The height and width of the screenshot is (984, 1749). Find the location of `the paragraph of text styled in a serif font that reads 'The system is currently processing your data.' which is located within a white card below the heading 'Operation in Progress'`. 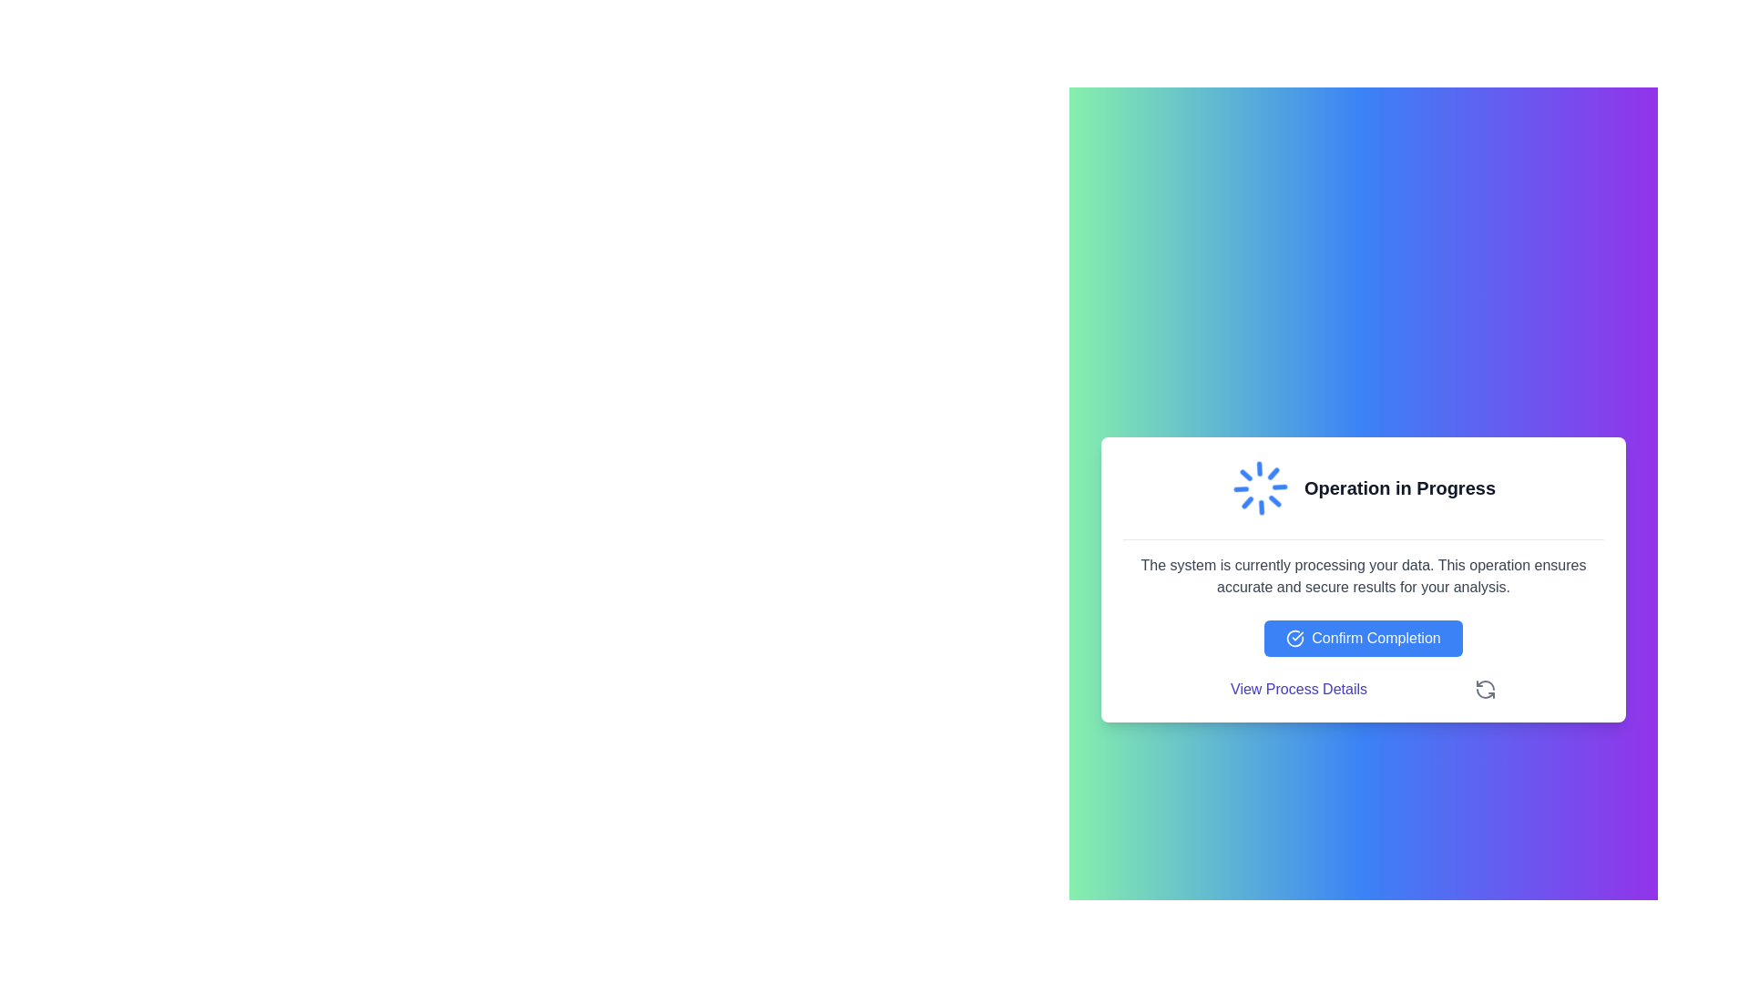

the paragraph of text styled in a serif font that reads 'The system is currently processing your data.' which is located within a white card below the heading 'Operation in Progress' is located at coordinates (1364, 568).